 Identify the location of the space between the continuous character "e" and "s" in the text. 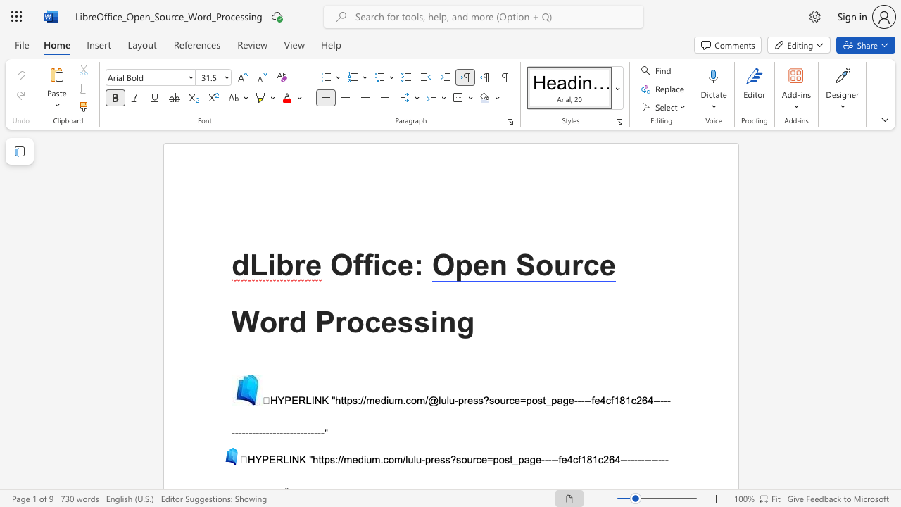
(396, 322).